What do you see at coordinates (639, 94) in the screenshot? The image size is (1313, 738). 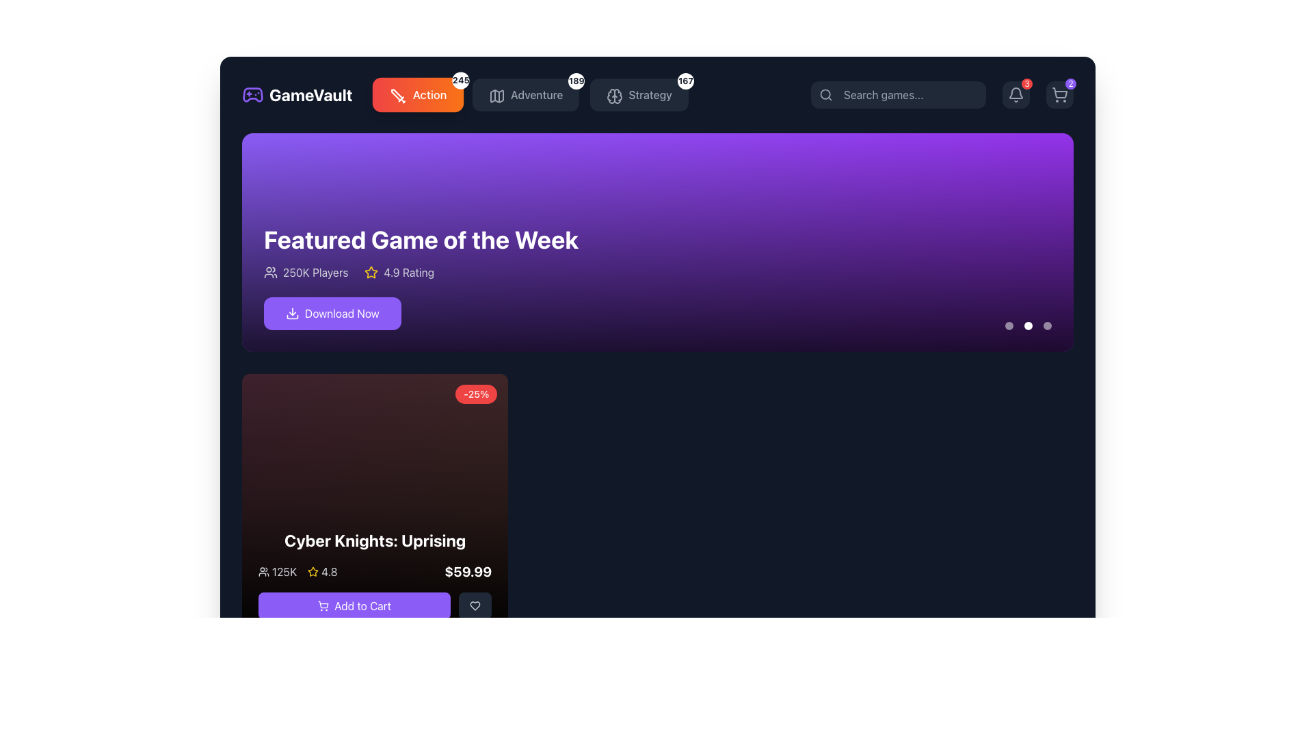 I see `the 'Strategy' button` at bounding box center [639, 94].